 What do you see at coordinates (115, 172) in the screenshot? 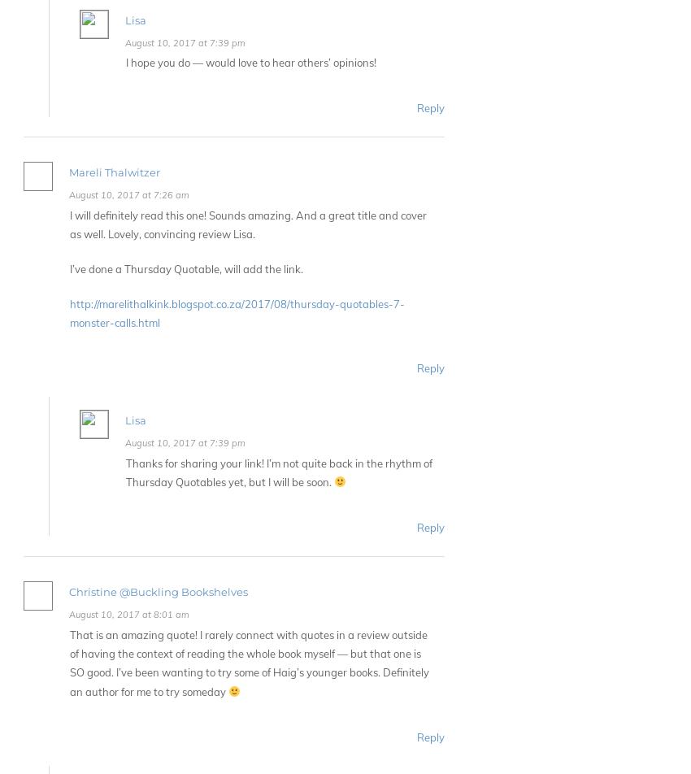
I see `'Mareli Thalwitzer'` at bounding box center [115, 172].